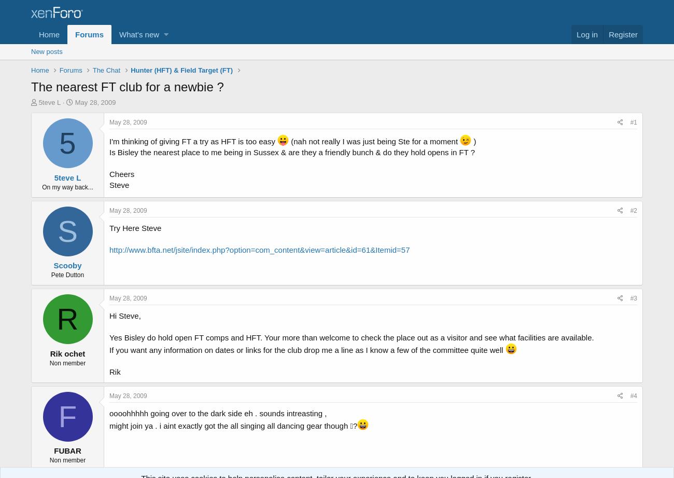 The image size is (674, 478). I want to click on 'http://www.bfta.net/jsite/index.php?option=com_content&view=article&id=61&Itemid=57', so click(259, 249).